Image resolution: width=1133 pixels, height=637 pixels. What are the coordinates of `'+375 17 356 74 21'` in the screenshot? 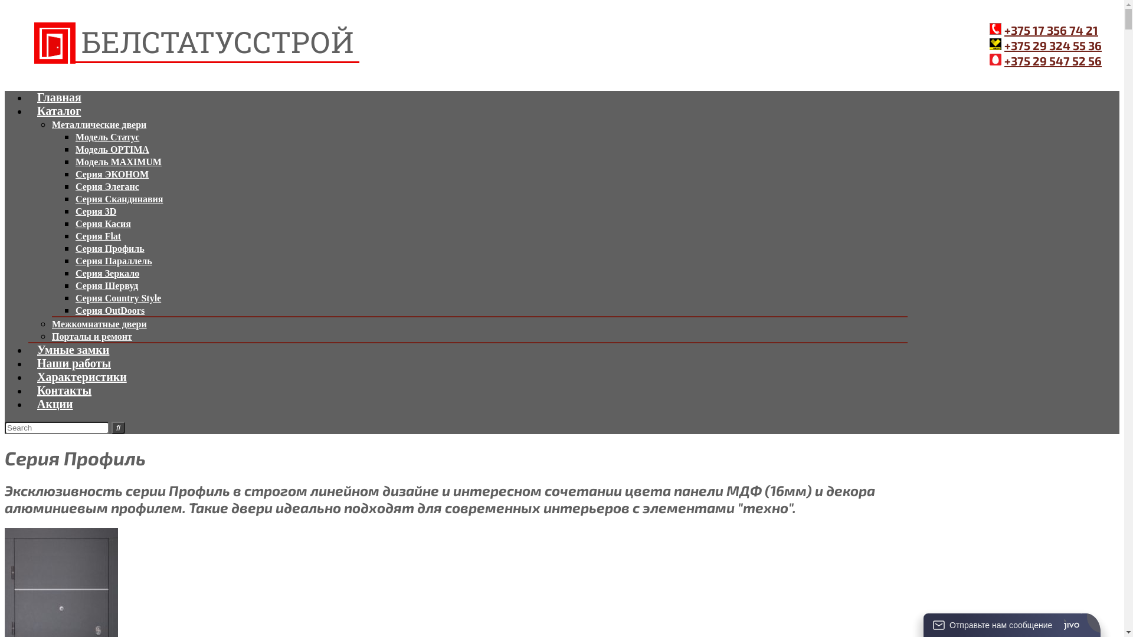 It's located at (1051, 29).